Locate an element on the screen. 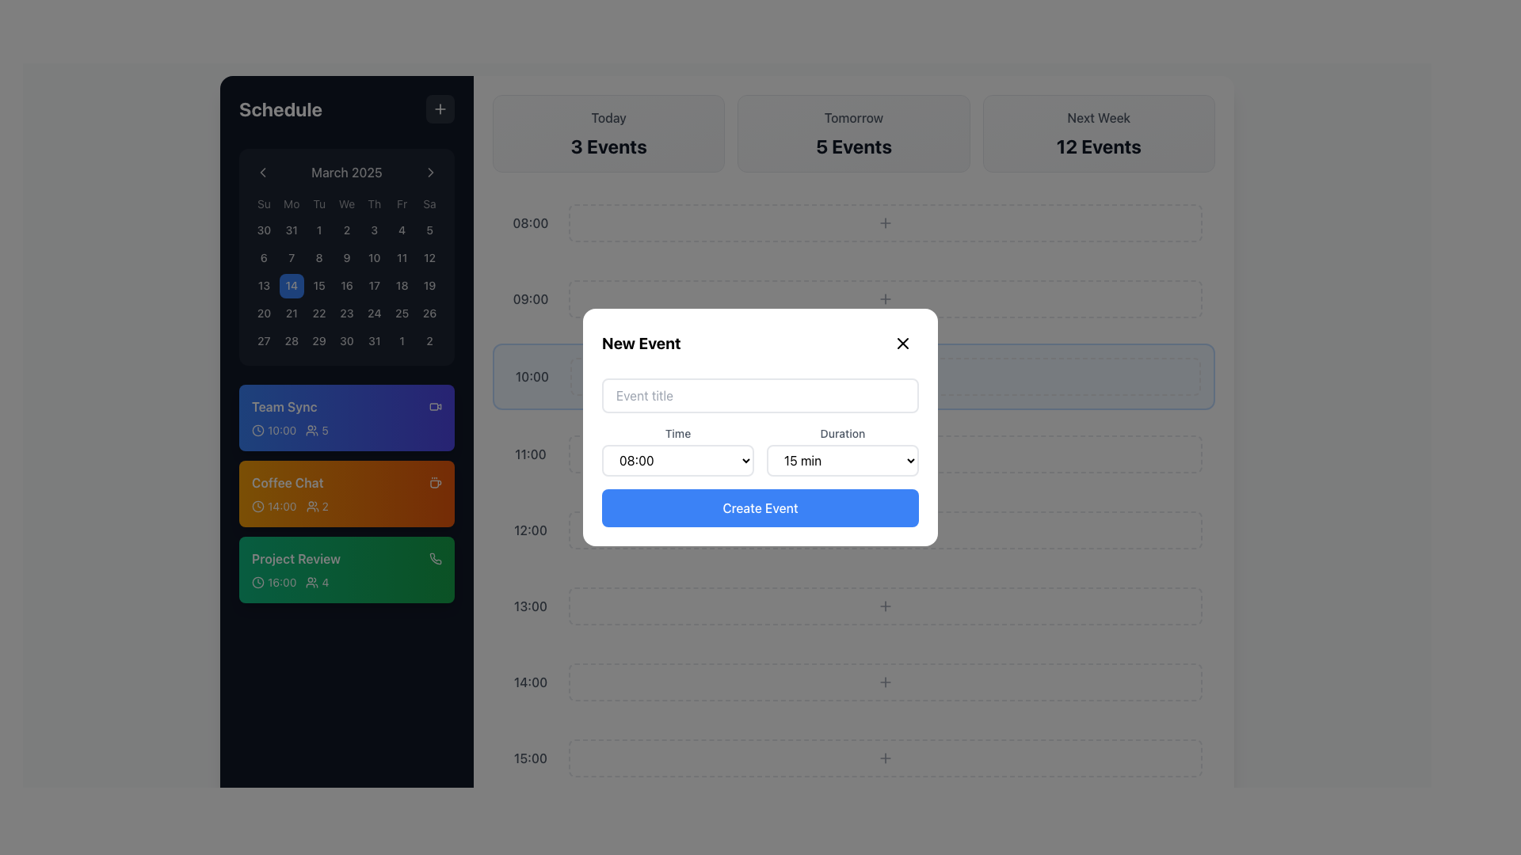 Image resolution: width=1521 pixels, height=855 pixels. the interactive area for adding a new event to the schedule at the 14:00 time slot is located at coordinates (885, 681).